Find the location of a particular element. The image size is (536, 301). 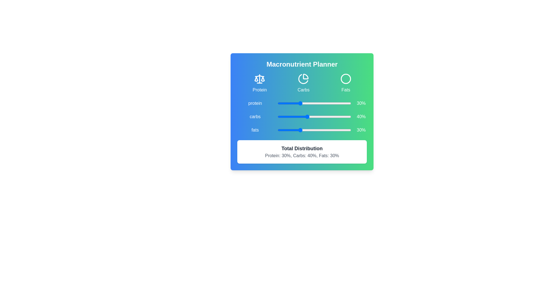

the 'Carbs' nutrient category icon located under the 'Macronutrient Planner' header is located at coordinates (303, 79).